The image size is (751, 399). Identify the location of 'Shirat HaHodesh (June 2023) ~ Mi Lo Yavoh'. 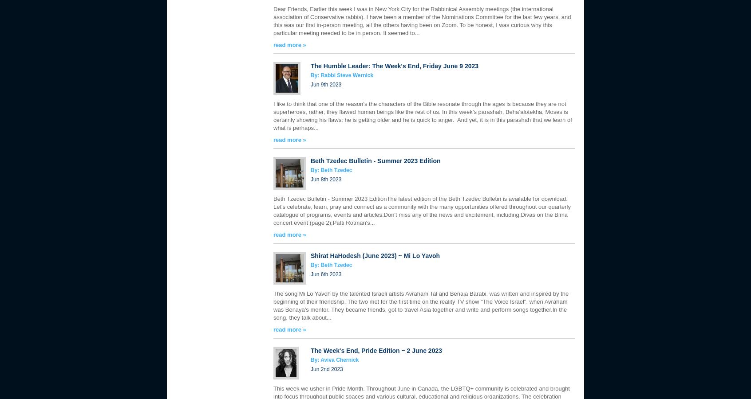
(310, 255).